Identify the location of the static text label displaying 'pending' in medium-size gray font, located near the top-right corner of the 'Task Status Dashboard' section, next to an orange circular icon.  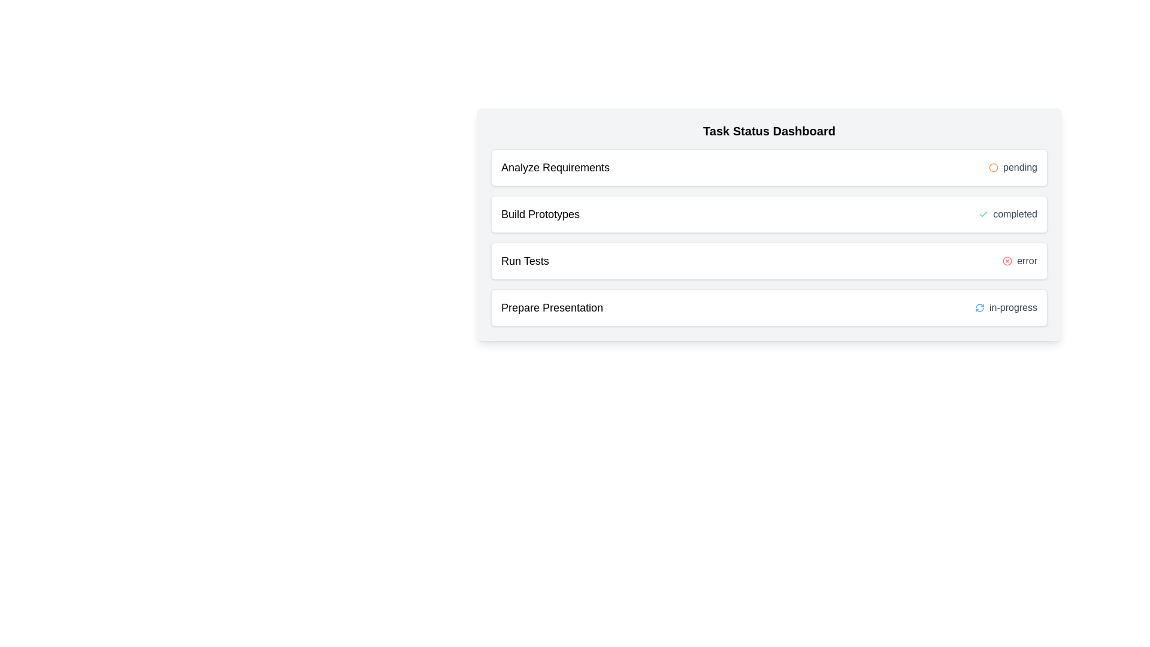
(1019, 168).